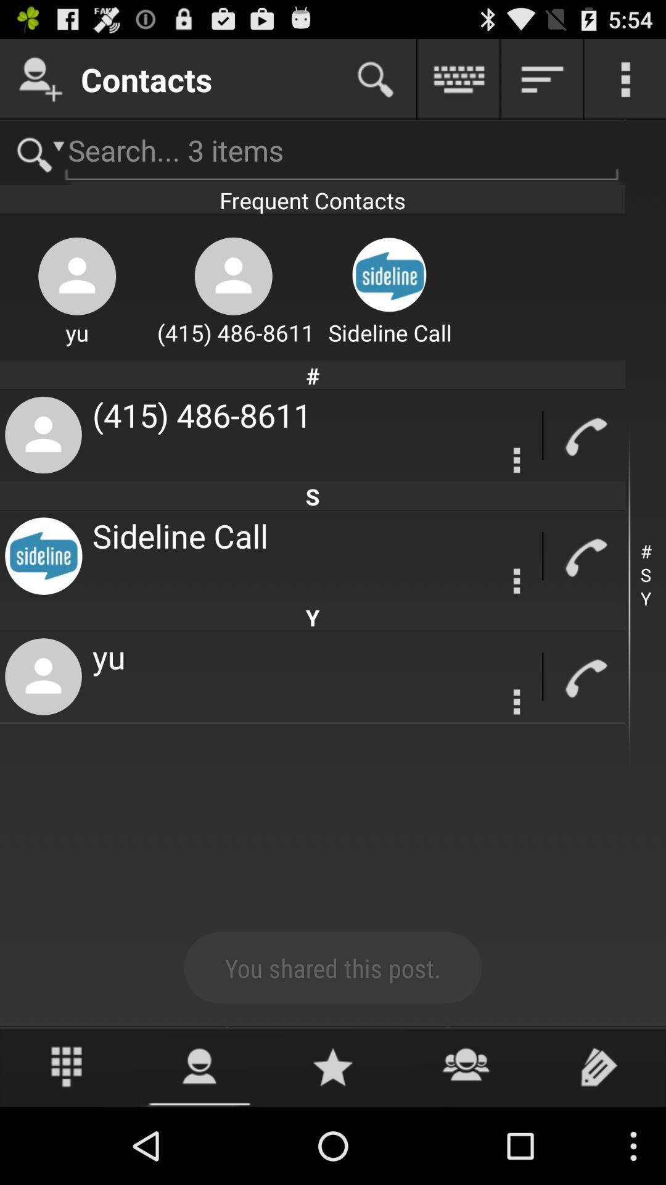 Image resolution: width=666 pixels, height=1185 pixels. I want to click on setting option, so click(517, 459).